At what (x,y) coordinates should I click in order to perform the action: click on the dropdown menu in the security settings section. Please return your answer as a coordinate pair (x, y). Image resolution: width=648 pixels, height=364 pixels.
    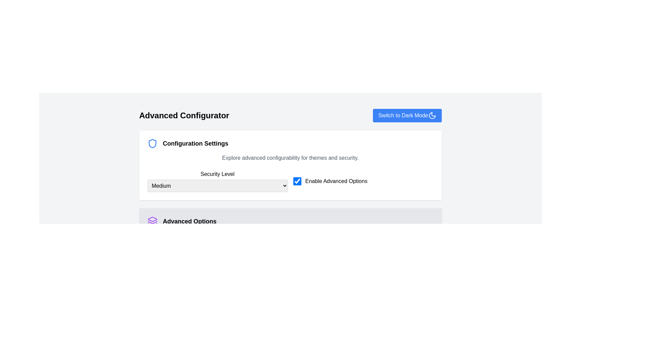
    Looking at the image, I should click on (290, 189).